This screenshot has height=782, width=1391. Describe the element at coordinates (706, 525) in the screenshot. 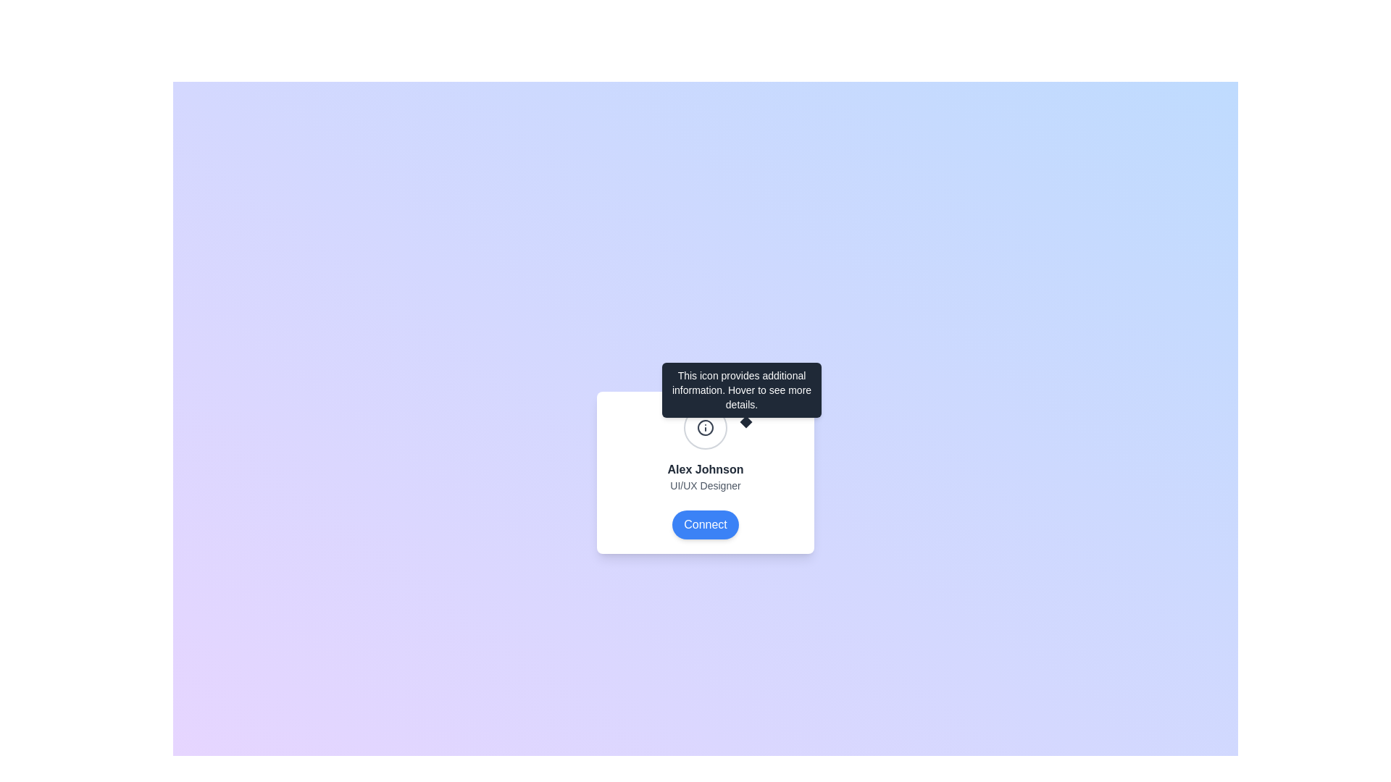

I see `the connection button located at the bottom center of the card element for 'Alex Johnson' to initiate a connection action` at that location.